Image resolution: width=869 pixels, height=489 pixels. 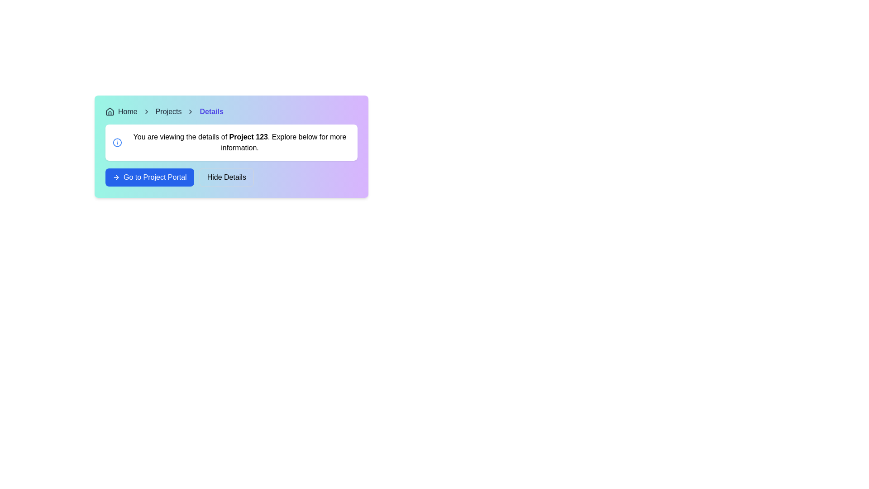 What do you see at coordinates (168, 111) in the screenshot?
I see `the 'Projects' hyperlink in the breadcrumb navigation bar` at bounding box center [168, 111].